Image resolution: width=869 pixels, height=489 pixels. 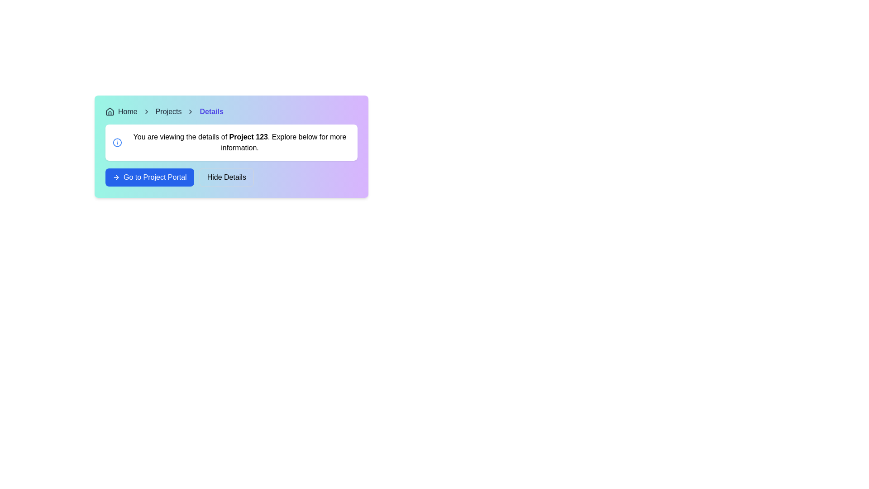 What do you see at coordinates (168, 111) in the screenshot?
I see `the 'Projects' hyperlink in the breadcrumb navigation bar` at bounding box center [168, 111].